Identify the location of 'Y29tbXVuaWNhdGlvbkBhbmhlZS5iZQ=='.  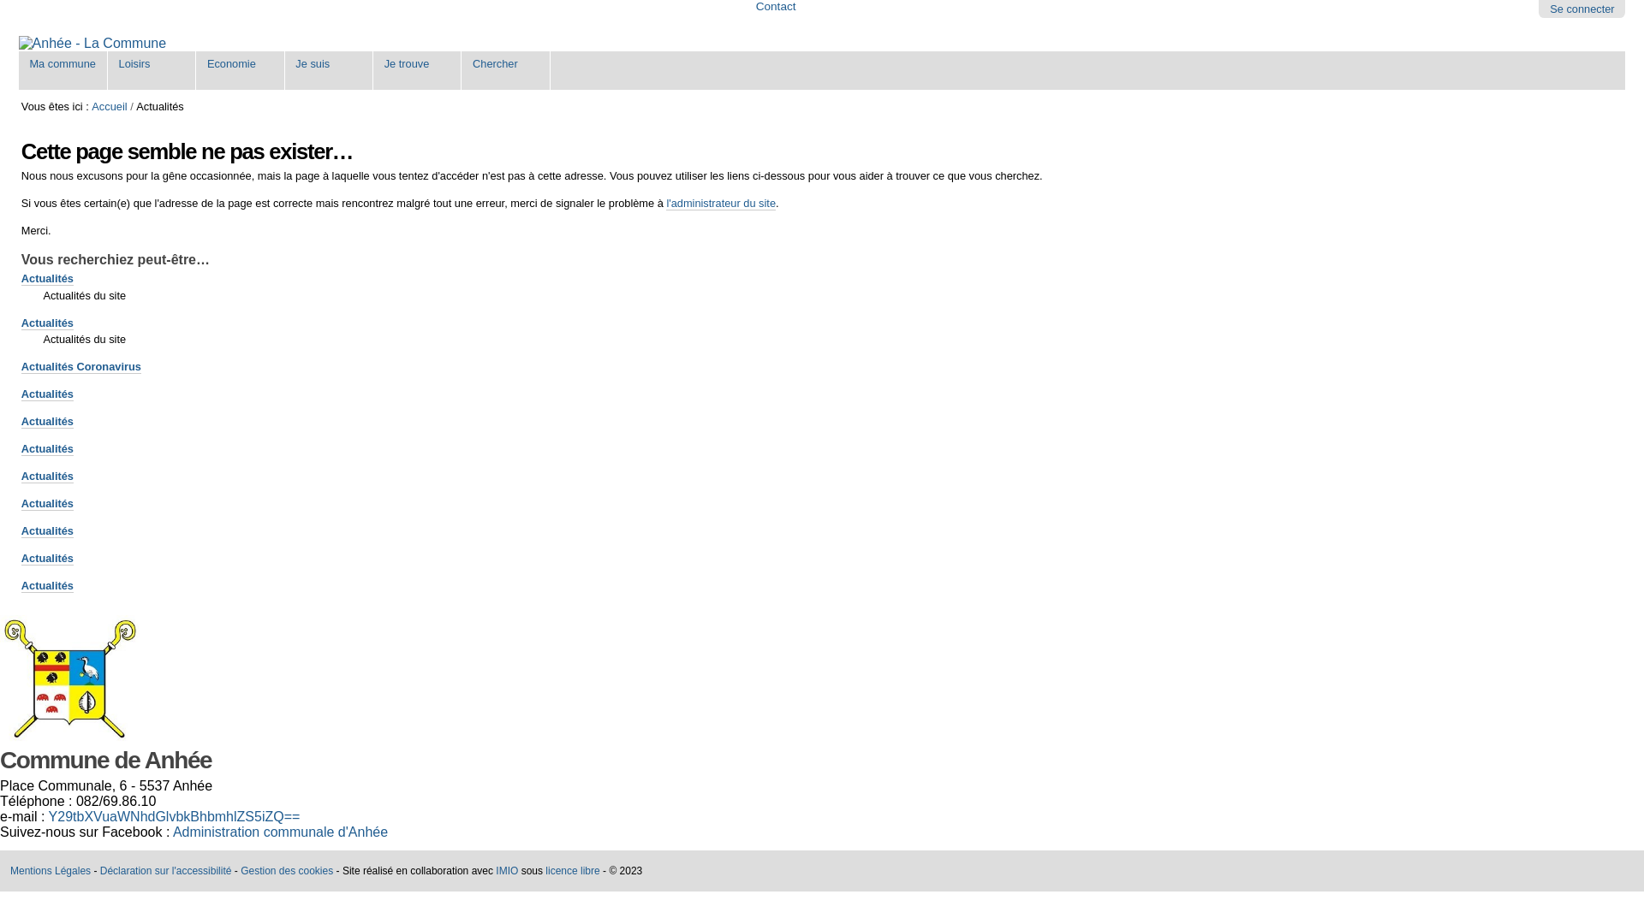
(174, 815).